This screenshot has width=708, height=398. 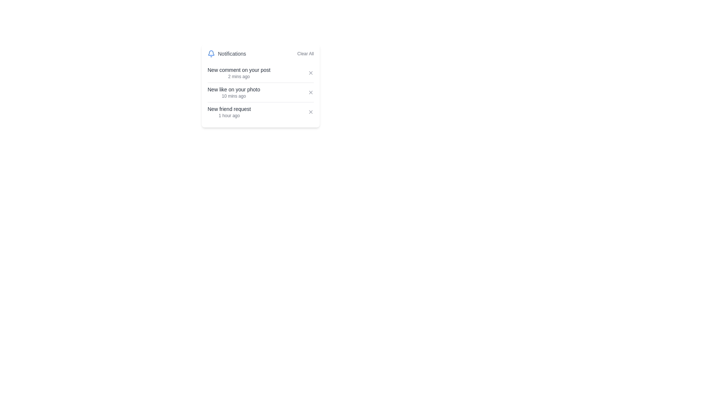 What do you see at coordinates (226, 53) in the screenshot?
I see `the 'Notifications' text with the blue bell icon located at the top-left corner of the card-like panel` at bounding box center [226, 53].